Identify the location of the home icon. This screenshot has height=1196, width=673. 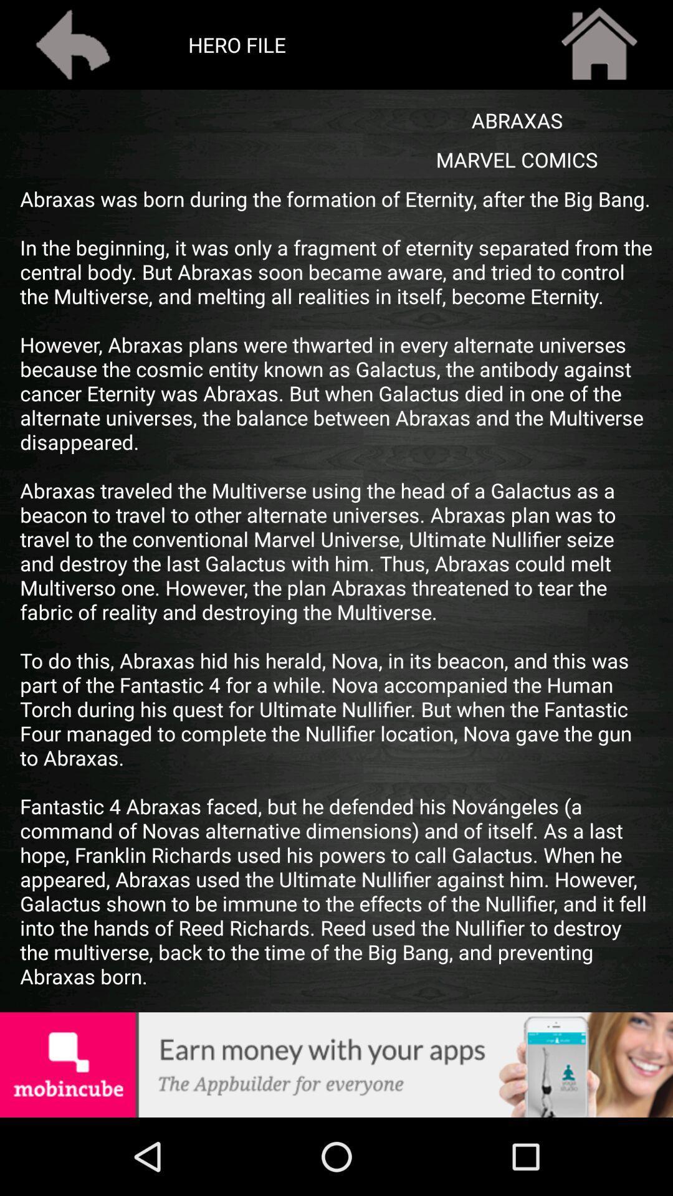
(599, 47).